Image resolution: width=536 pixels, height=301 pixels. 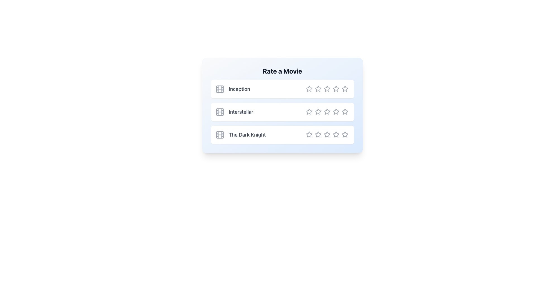 I want to click on the third star icon in the 'Rate a Movie' section for the movie 'Interstellar' to assign a rating, so click(x=309, y=112).